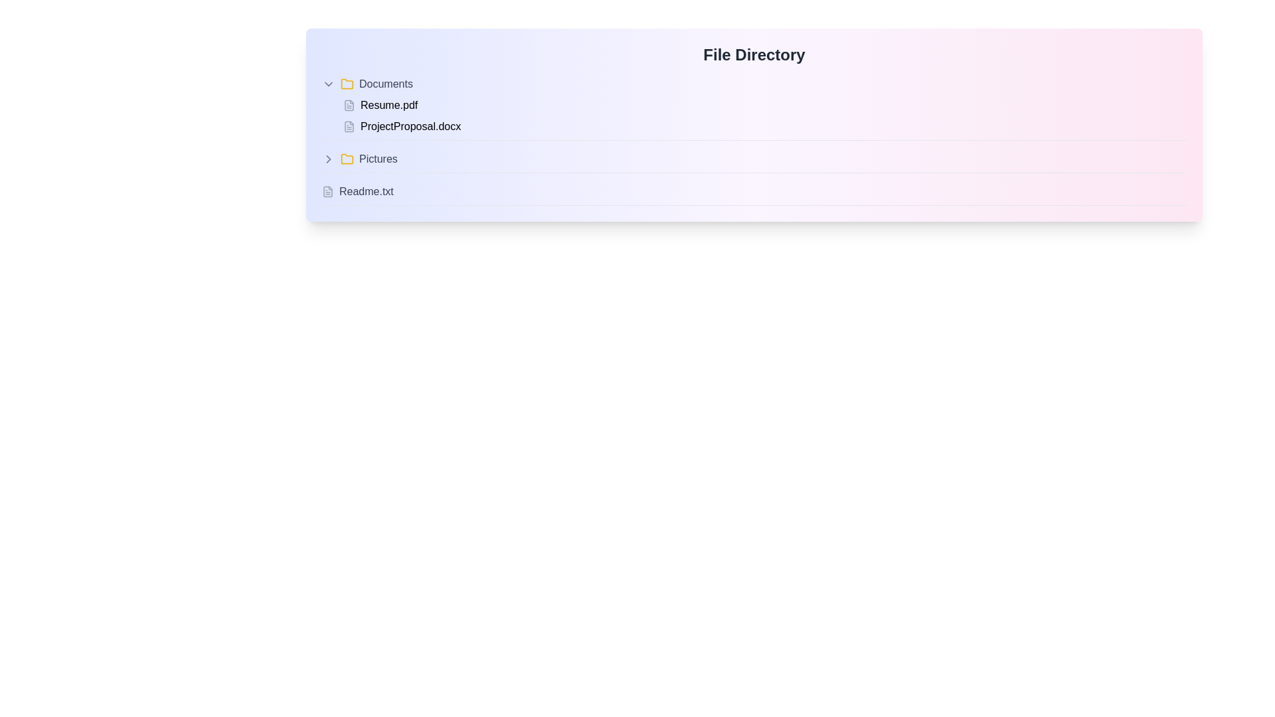  What do you see at coordinates (328, 192) in the screenshot?
I see `the SVG icon representing the 'Readme.txt' file located in the leftmost part of the row in the file directory` at bounding box center [328, 192].